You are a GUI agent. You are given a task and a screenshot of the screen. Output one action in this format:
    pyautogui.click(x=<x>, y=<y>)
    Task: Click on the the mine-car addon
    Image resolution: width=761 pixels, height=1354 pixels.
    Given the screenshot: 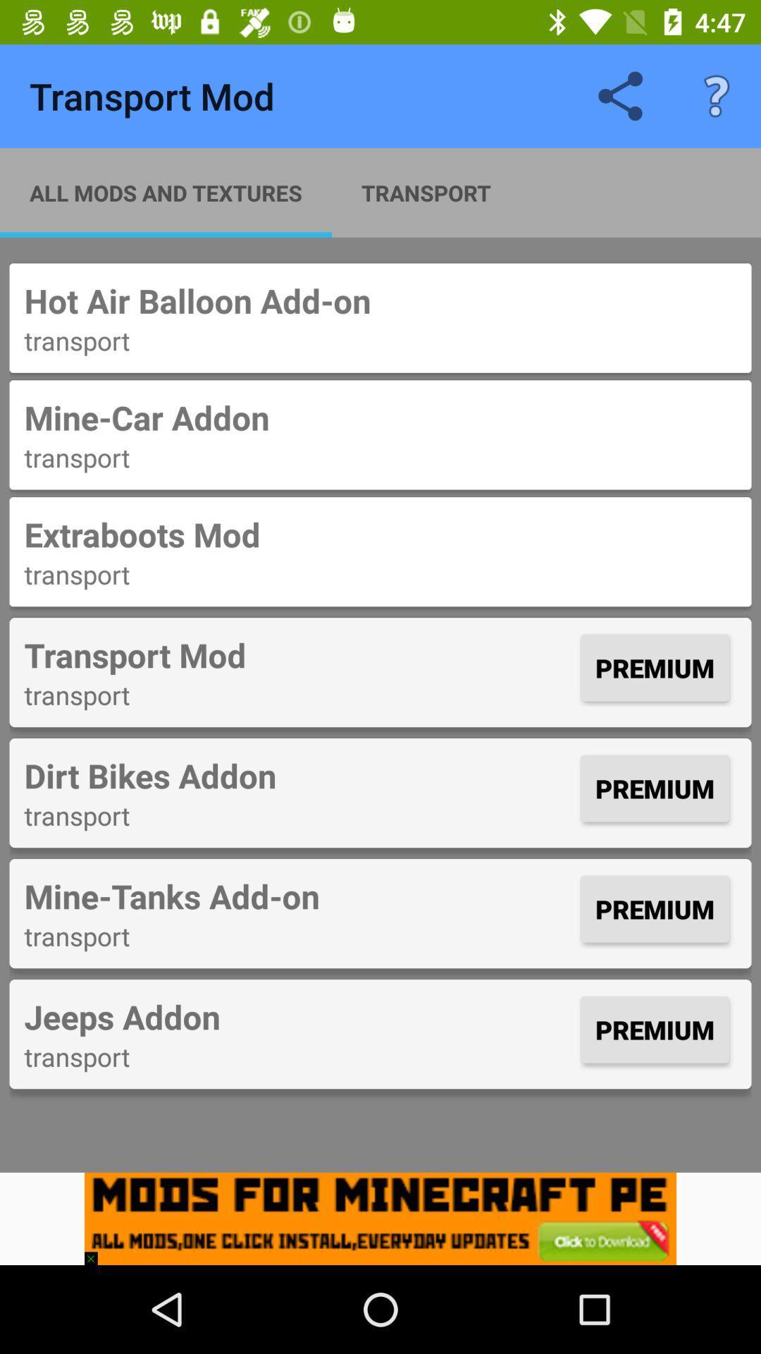 What is the action you would take?
    pyautogui.click(x=380, y=417)
    